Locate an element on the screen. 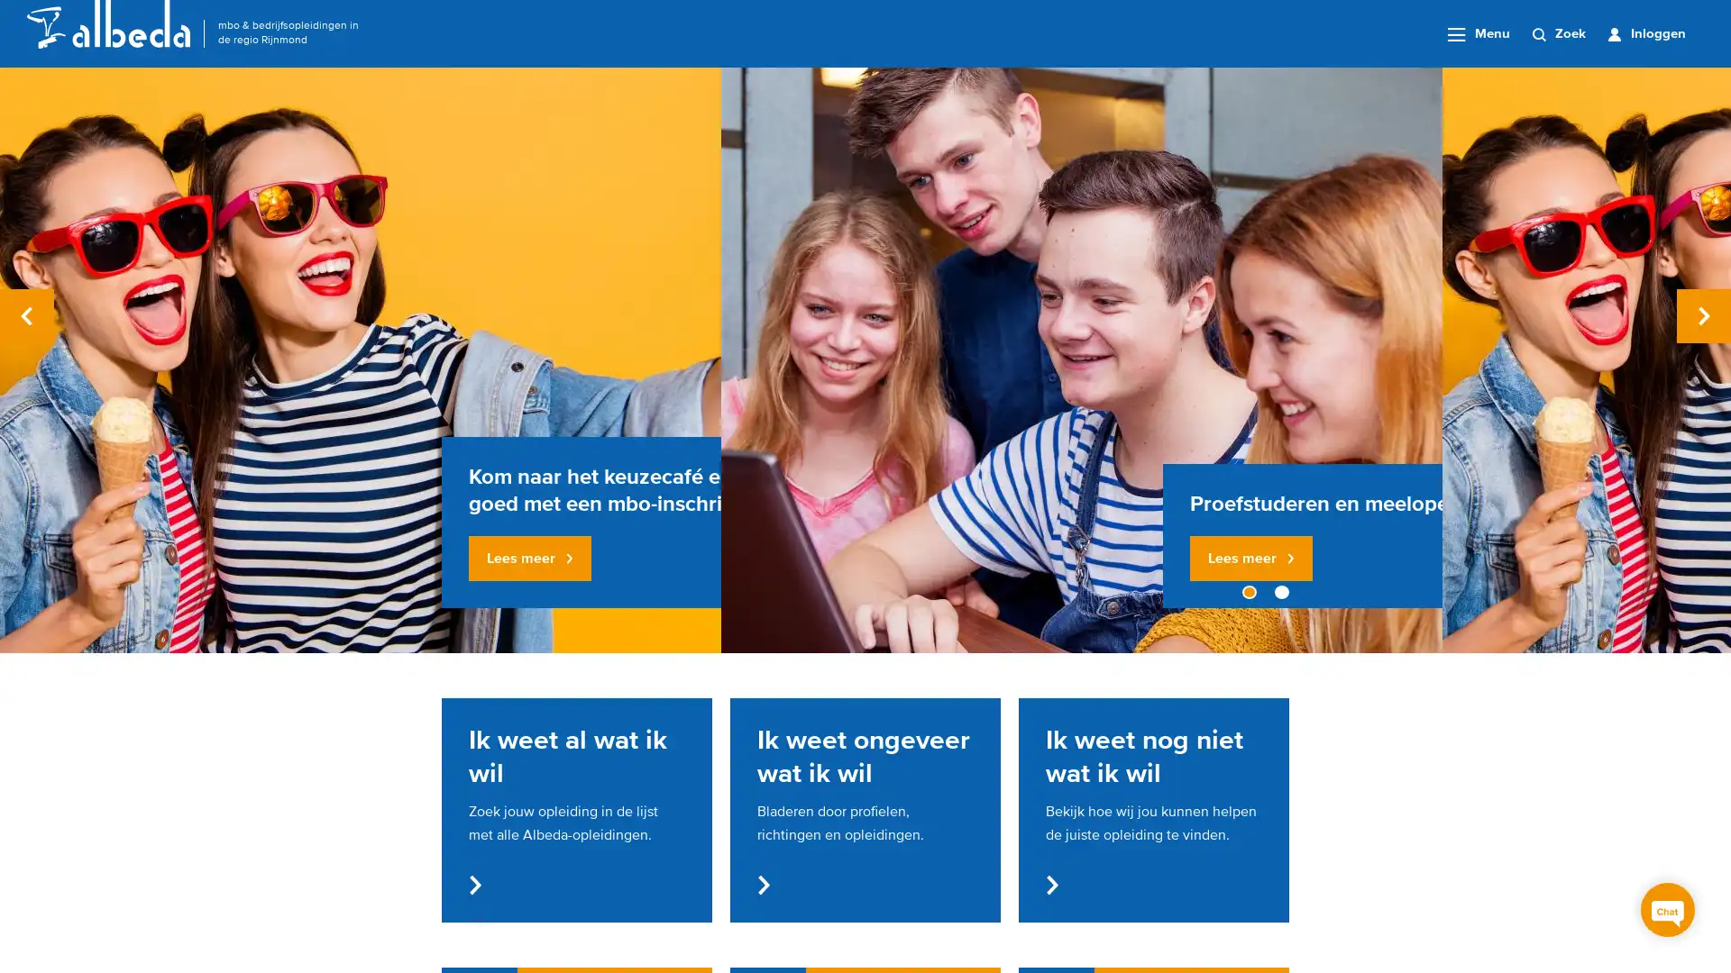 This screenshot has width=1731, height=973. 2 is located at coordinates (1280, 592).